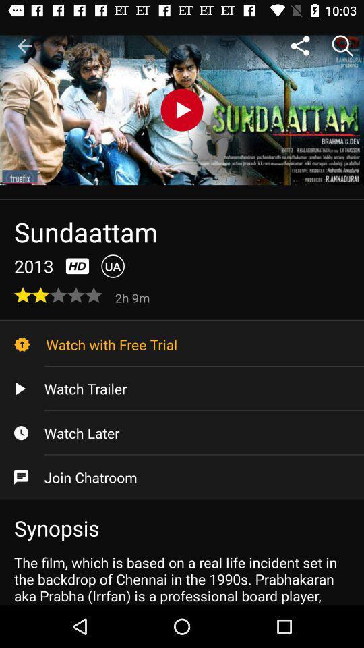 The width and height of the screenshot is (364, 648). Describe the element at coordinates (182, 432) in the screenshot. I see `the icon below watch trailer icon` at that location.